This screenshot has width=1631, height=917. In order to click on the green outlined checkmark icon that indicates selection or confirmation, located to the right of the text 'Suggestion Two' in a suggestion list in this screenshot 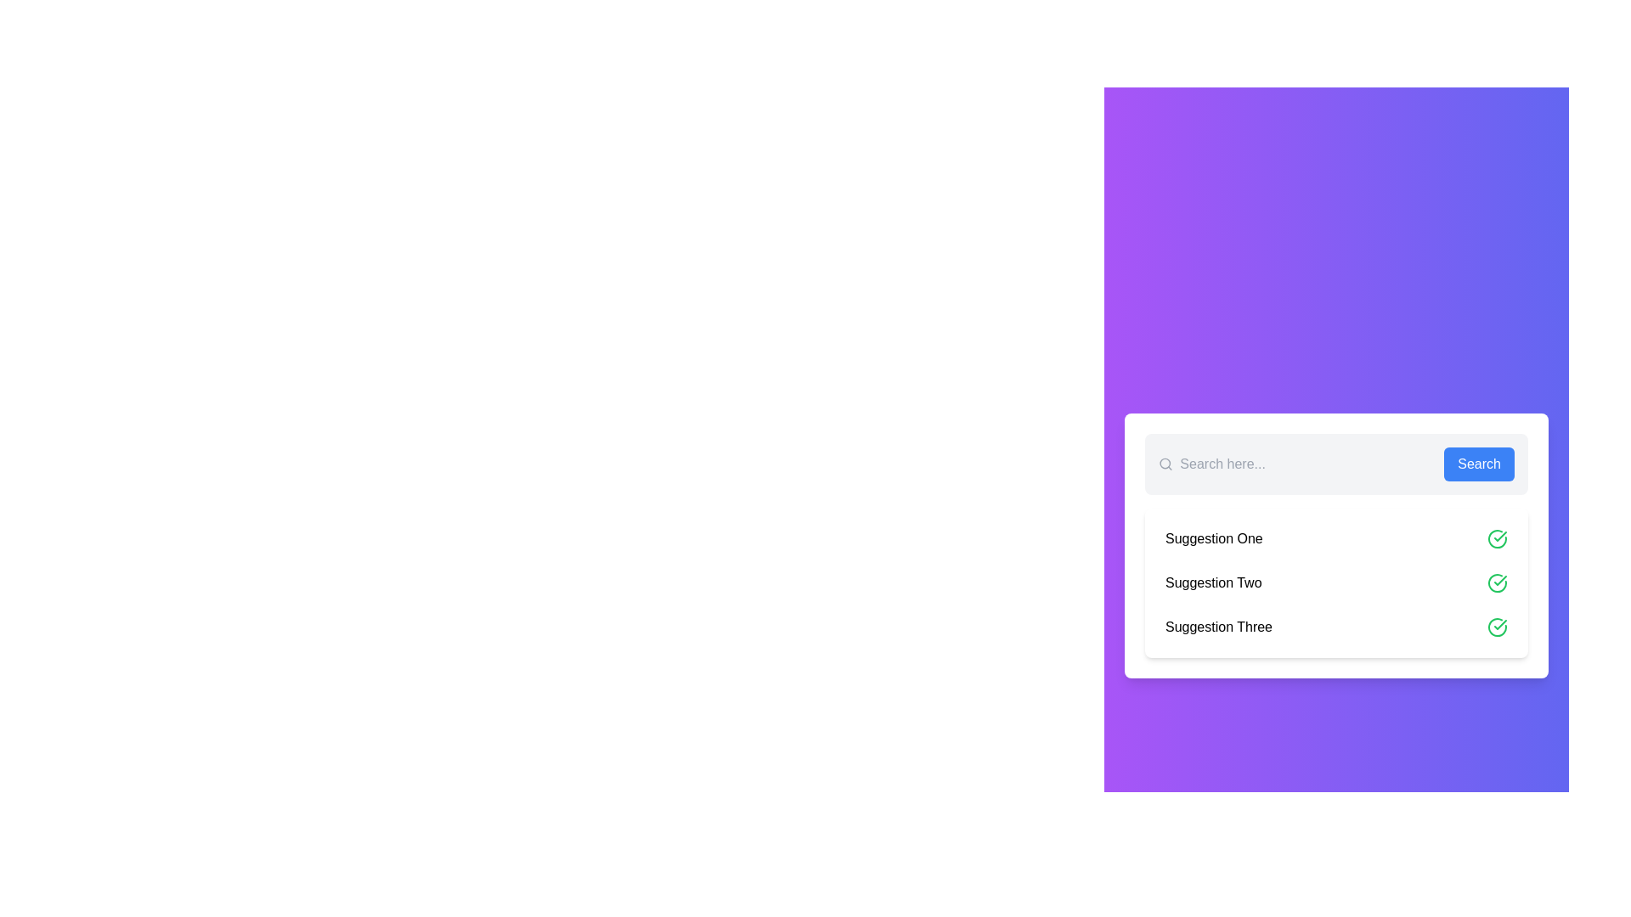, I will do `click(1500, 537)`.